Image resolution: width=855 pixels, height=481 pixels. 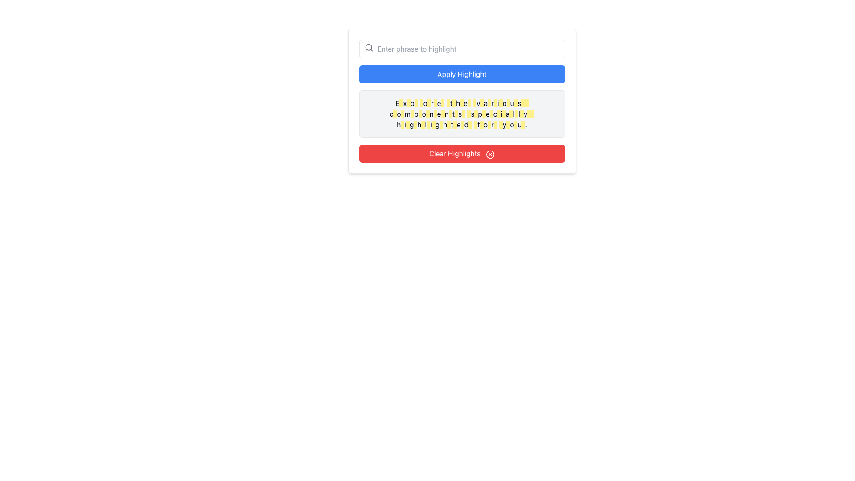 I want to click on the fourth highlighted segment with a yellow background and dark yellow text styling in the middle of a descriptive sentence, so click(x=419, y=113).